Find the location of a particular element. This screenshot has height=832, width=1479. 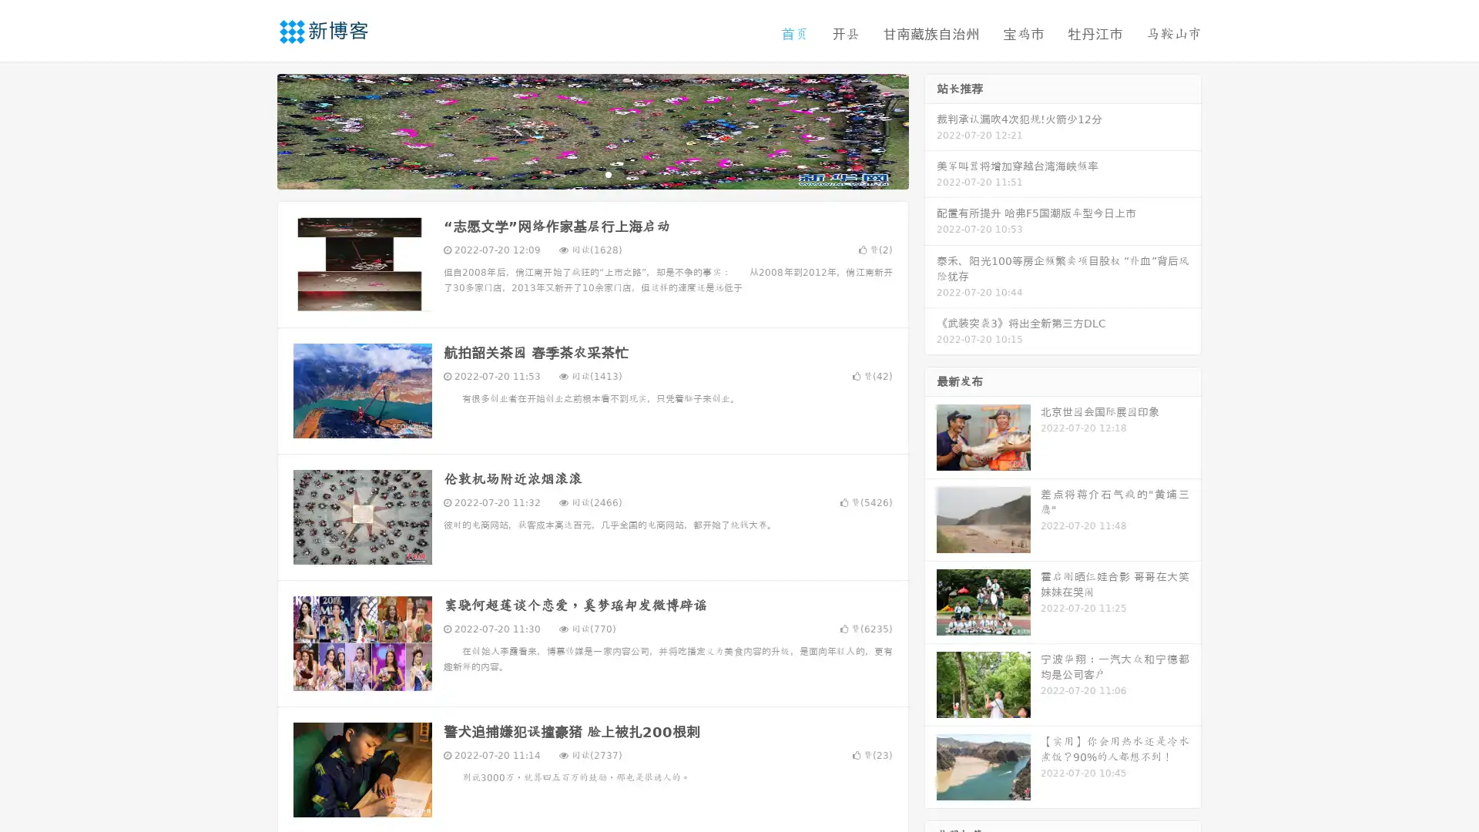

Go to slide 3 is located at coordinates (608, 173).